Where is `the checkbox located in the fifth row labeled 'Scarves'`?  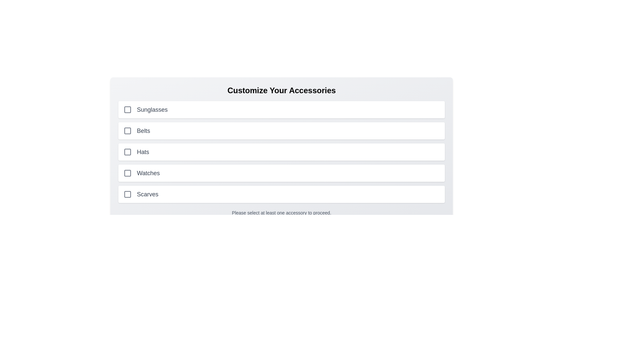 the checkbox located in the fifth row labeled 'Scarves' is located at coordinates (127, 194).